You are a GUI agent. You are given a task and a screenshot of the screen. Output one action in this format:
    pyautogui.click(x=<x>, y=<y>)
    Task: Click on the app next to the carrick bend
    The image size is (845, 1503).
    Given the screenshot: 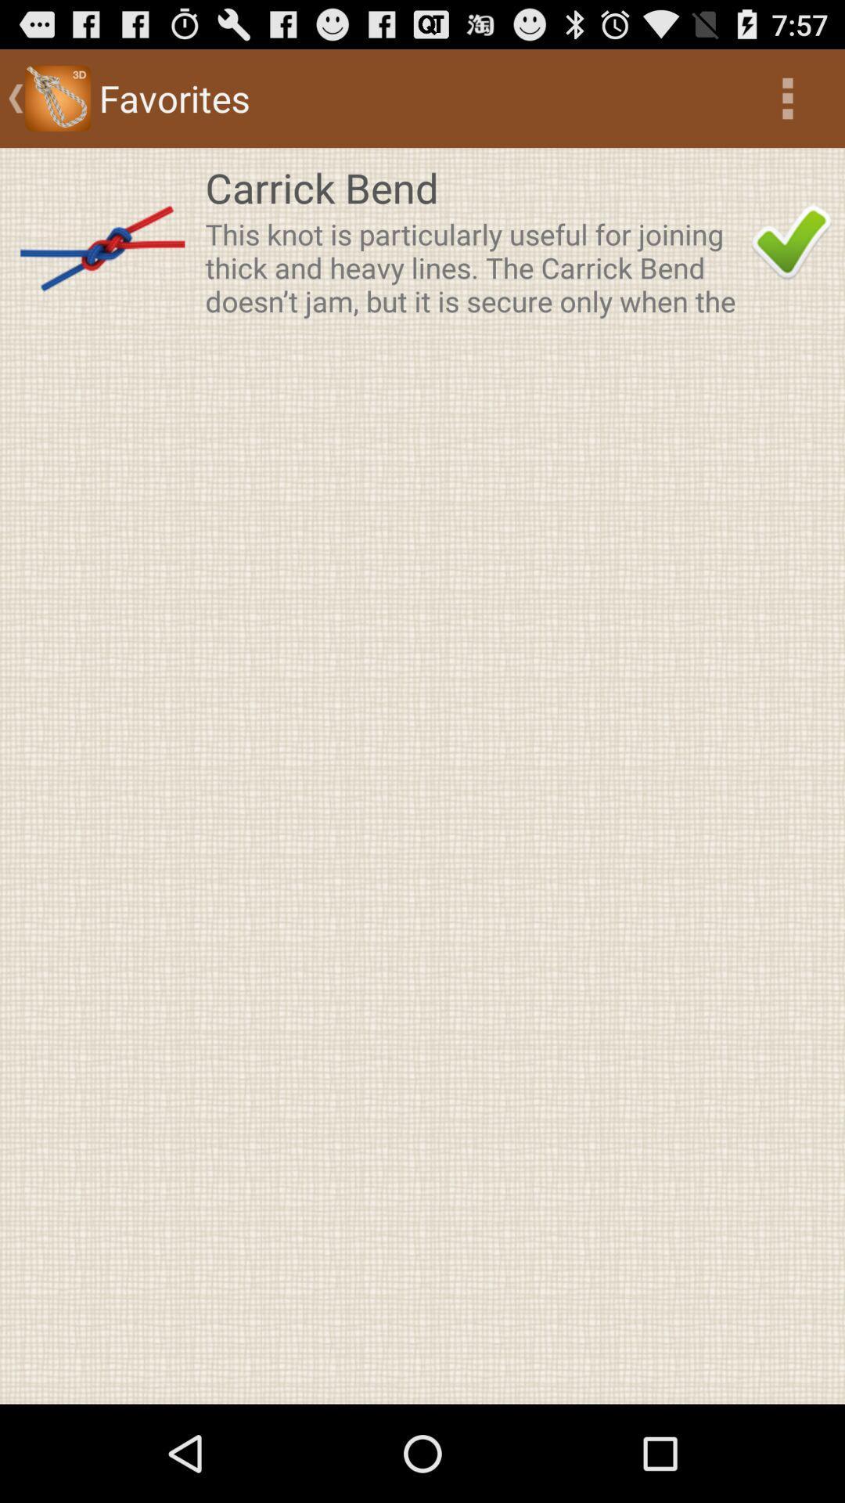 What is the action you would take?
    pyautogui.click(x=791, y=241)
    